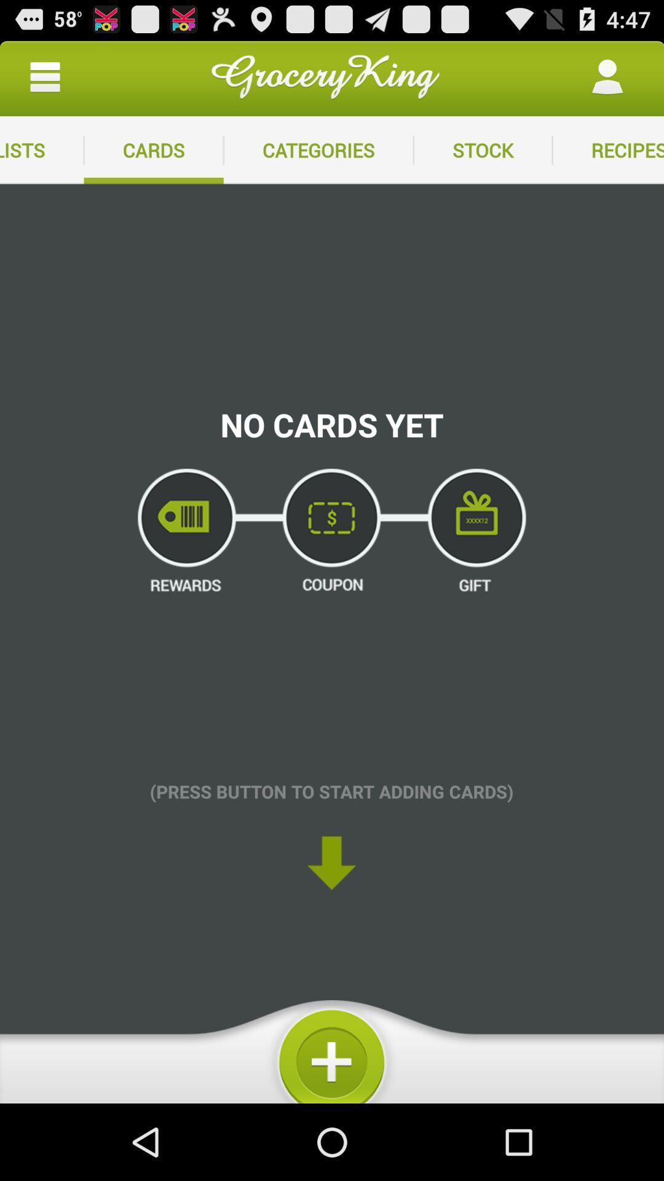 This screenshot has height=1181, width=664. Describe the element at coordinates (607, 149) in the screenshot. I see `the recipes icon` at that location.